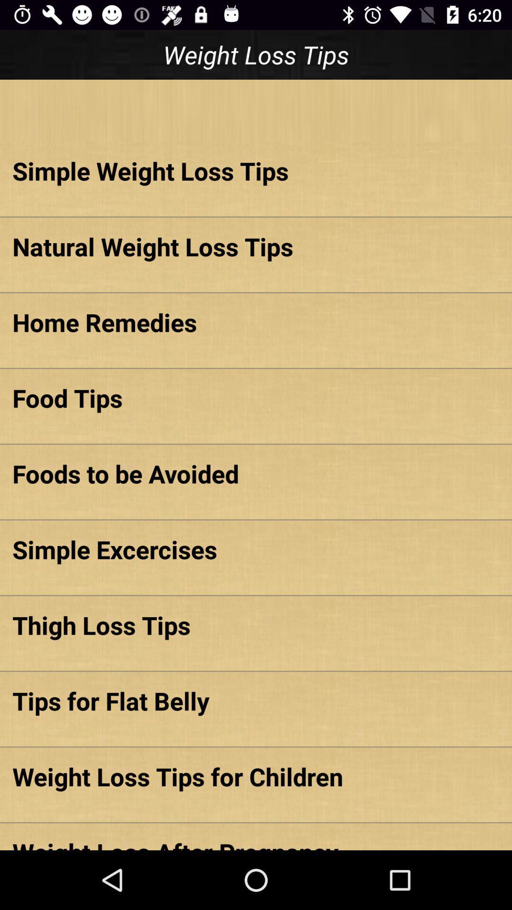  Describe the element at coordinates (256, 473) in the screenshot. I see `the icon above simple excercises item` at that location.